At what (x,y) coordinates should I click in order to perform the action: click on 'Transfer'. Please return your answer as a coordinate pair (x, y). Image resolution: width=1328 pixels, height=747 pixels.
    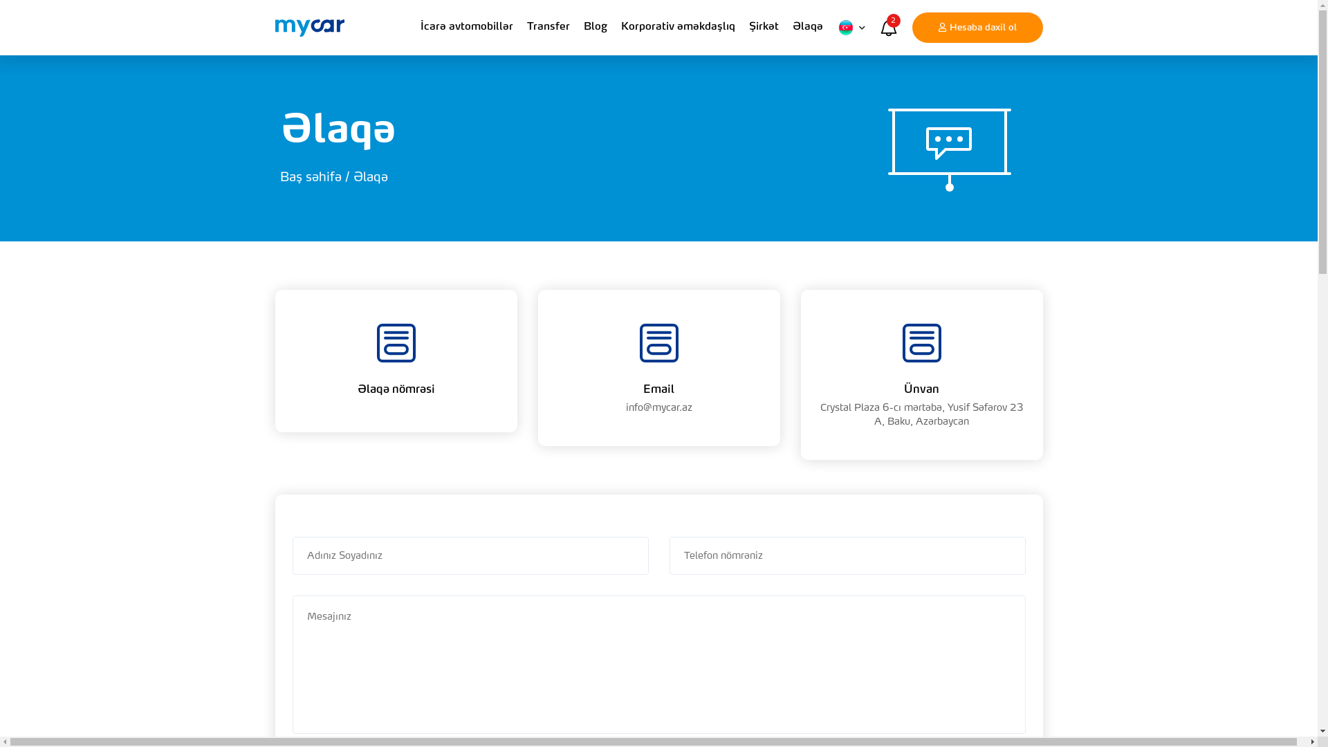
    Looking at the image, I should click on (547, 28).